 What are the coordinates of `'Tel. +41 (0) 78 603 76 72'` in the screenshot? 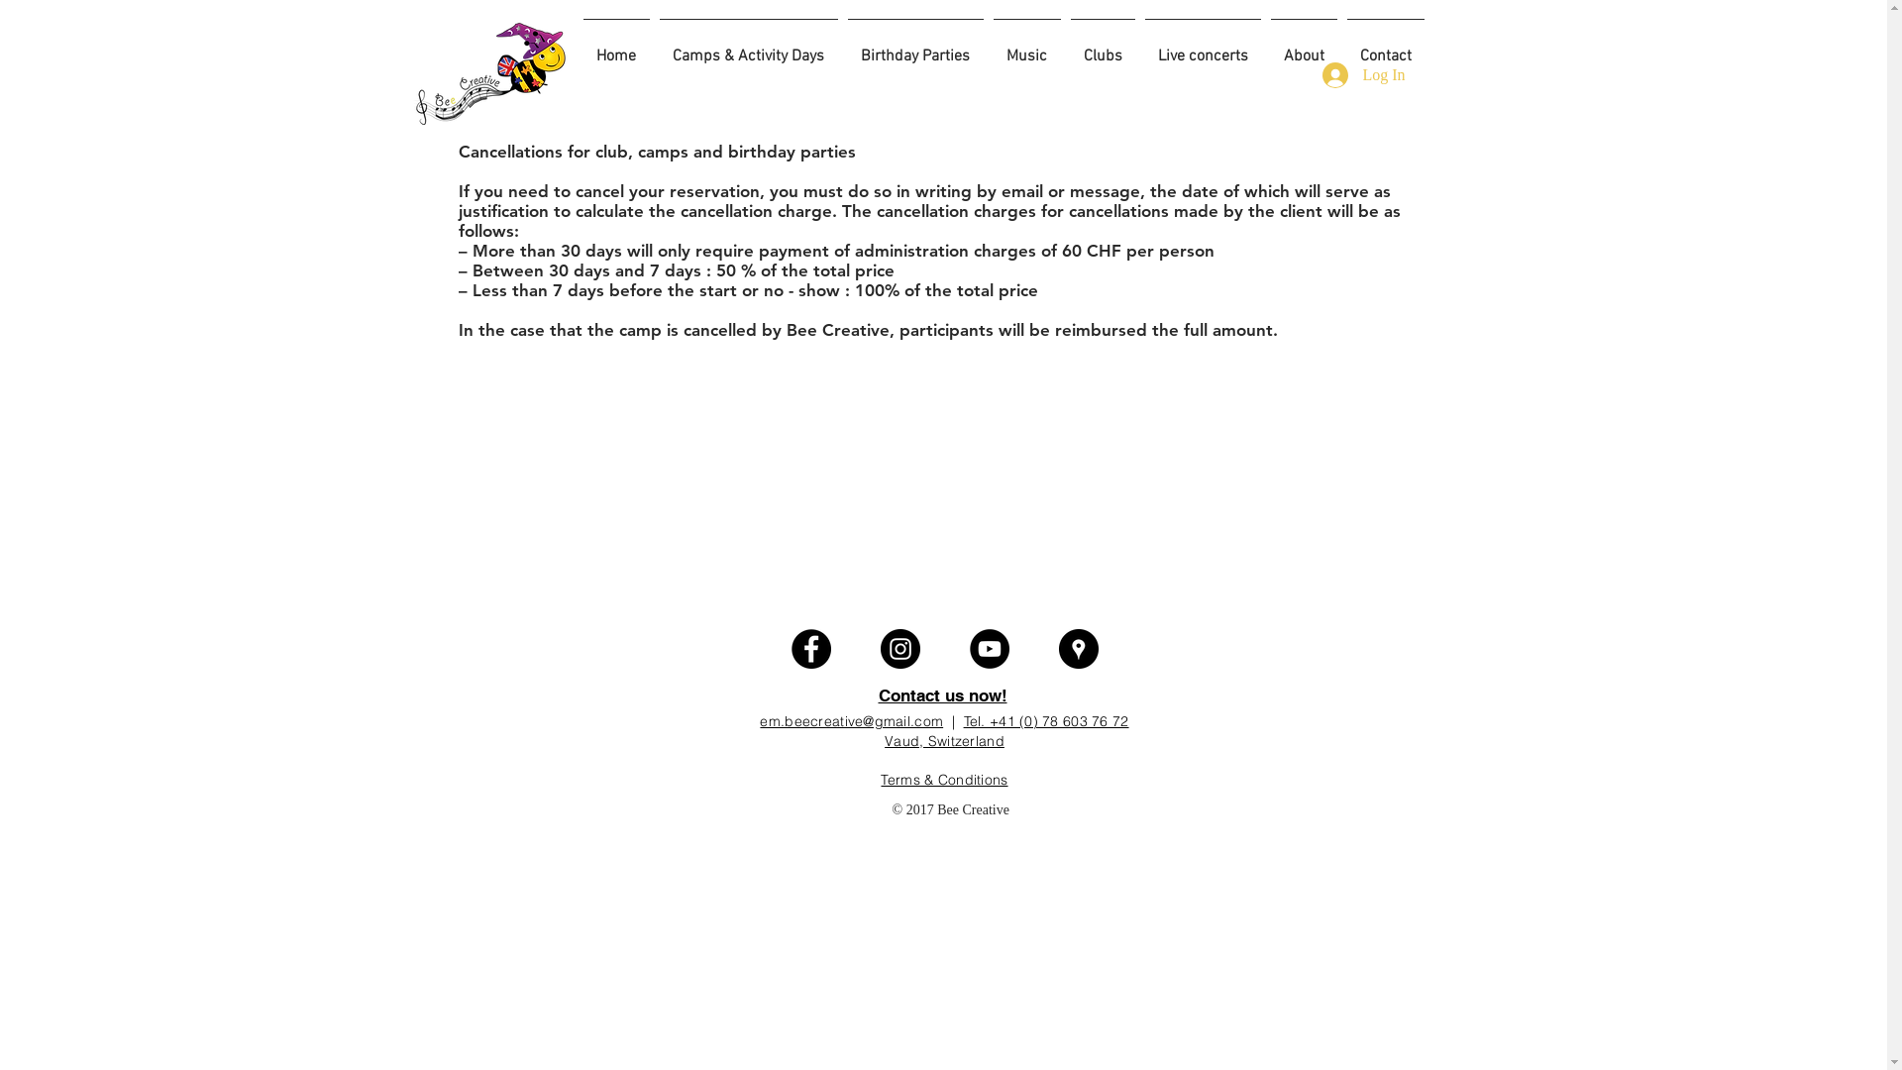 It's located at (1045, 721).